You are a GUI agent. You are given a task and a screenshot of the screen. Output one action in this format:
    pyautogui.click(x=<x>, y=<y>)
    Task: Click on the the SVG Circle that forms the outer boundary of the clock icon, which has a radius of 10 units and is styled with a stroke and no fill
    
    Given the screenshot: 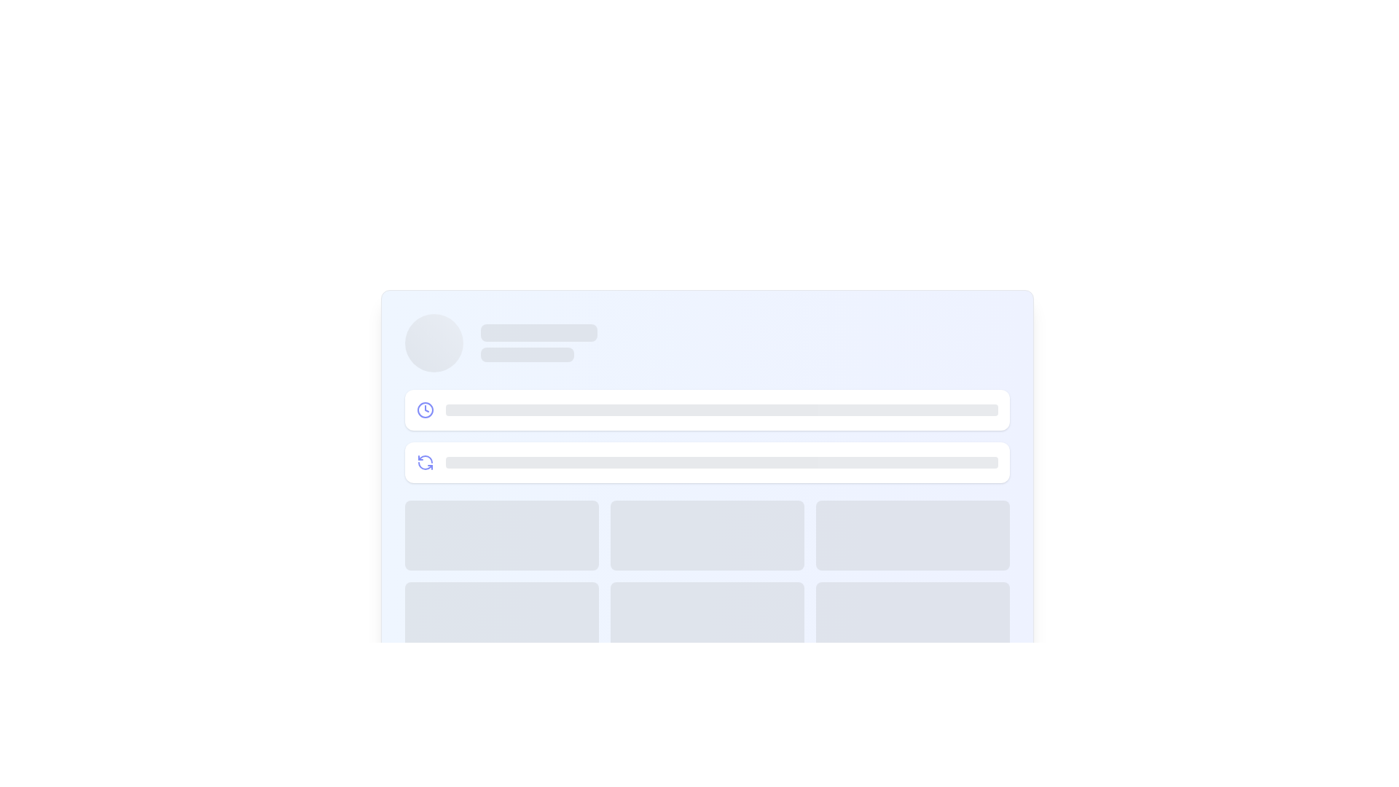 What is the action you would take?
    pyautogui.click(x=424, y=410)
    